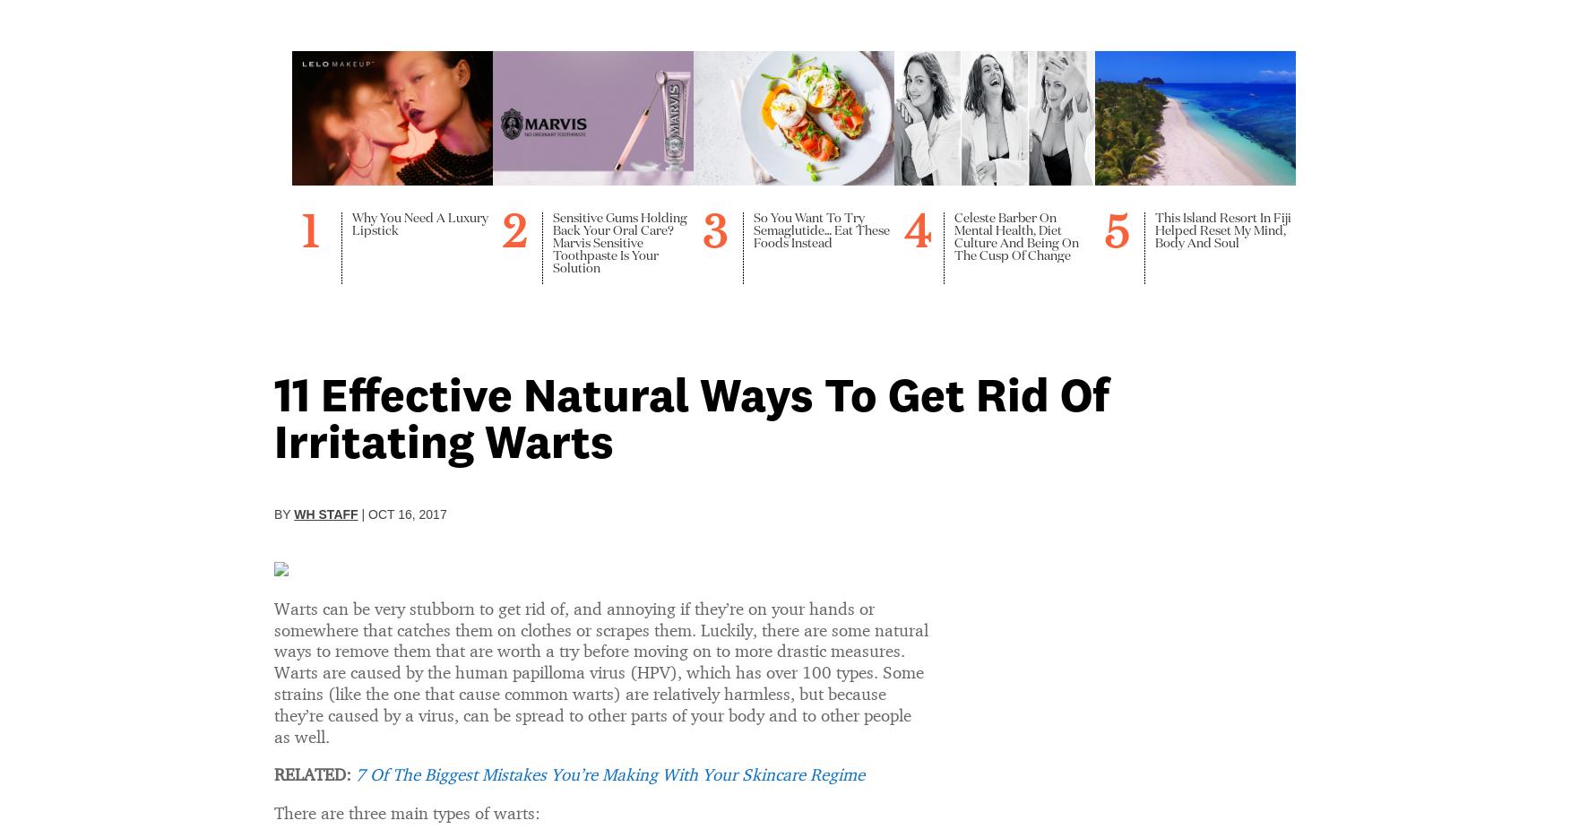 This screenshot has width=1588, height=838. Describe the element at coordinates (1015, 210) in the screenshot. I see `'4 Types Of Therapy That Don’t Involve Talking'` at that location.